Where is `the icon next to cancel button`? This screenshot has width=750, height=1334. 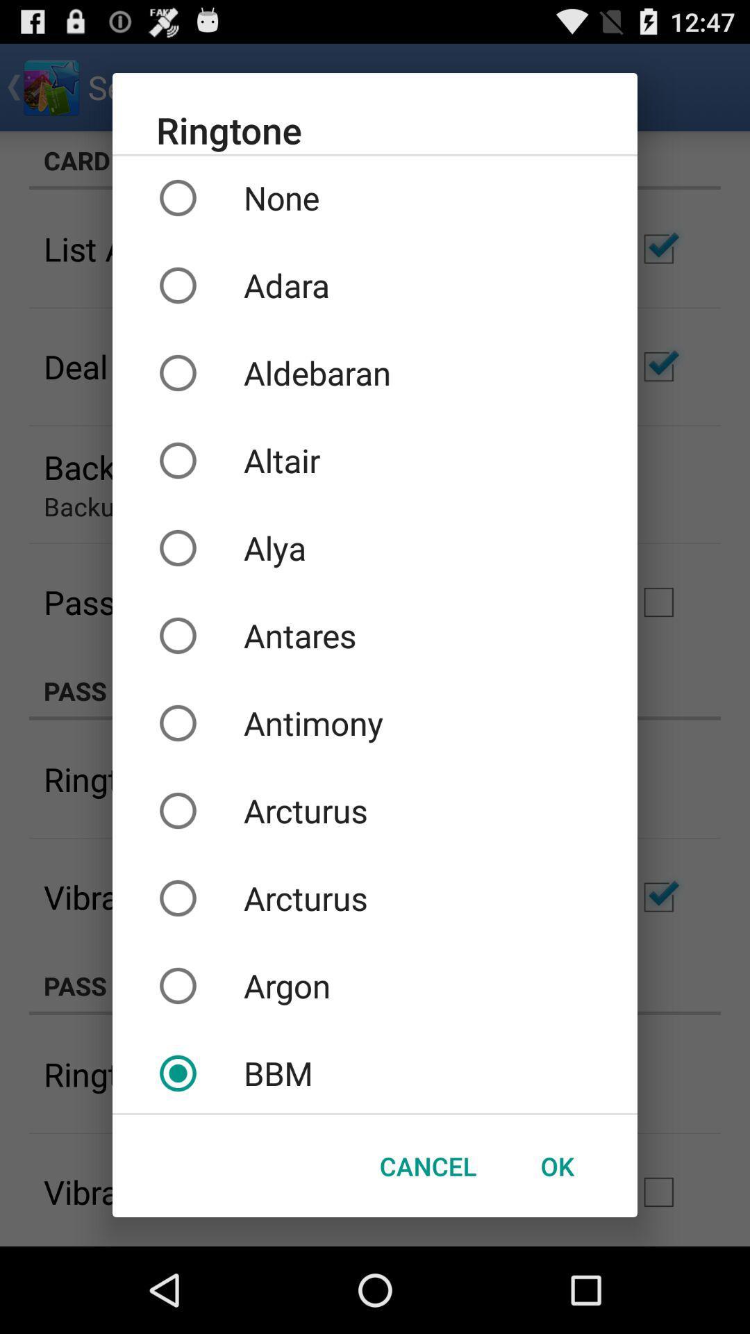
the icon next to cancel button is located at coordinates (556, 1166).